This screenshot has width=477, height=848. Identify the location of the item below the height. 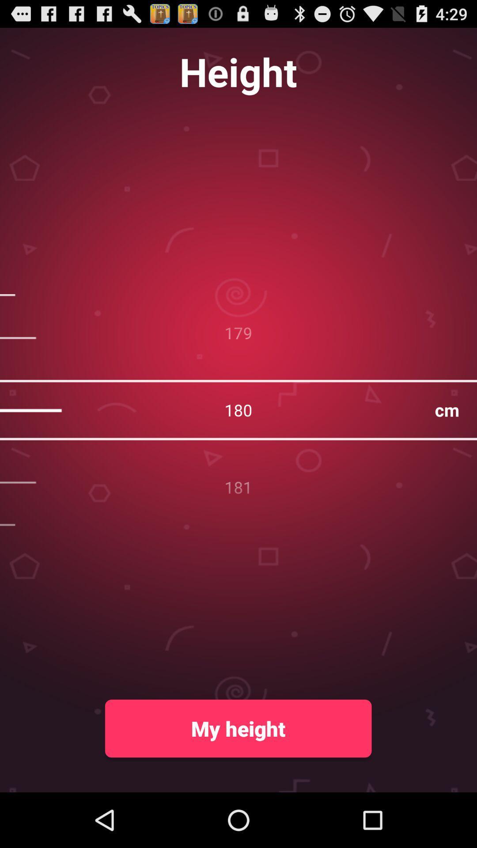
(238, 409).